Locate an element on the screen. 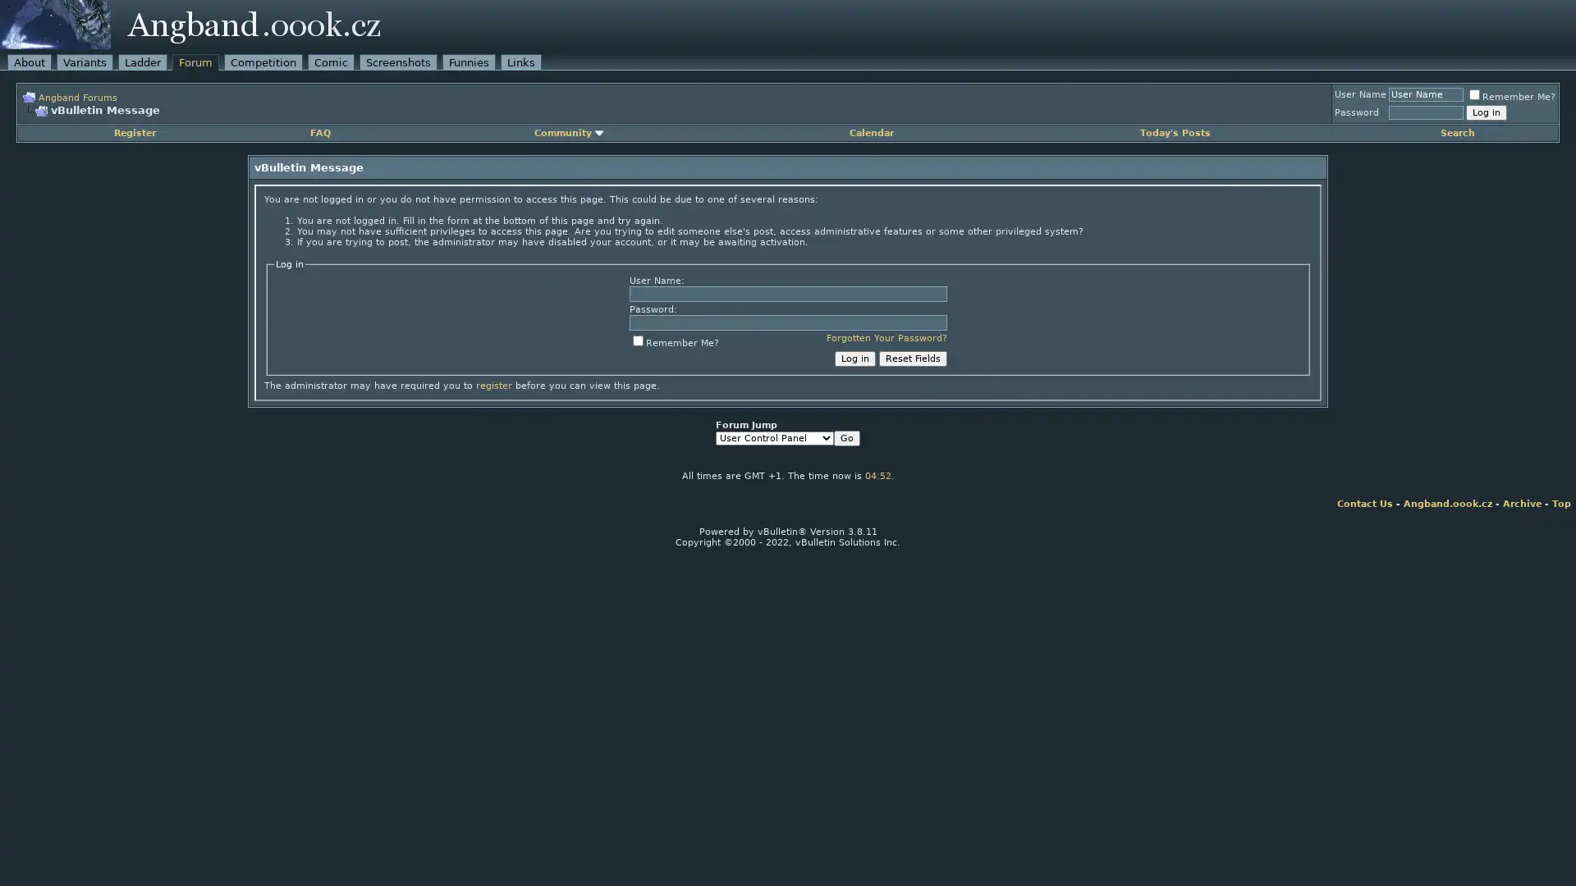 The width and height of the screenshot is (1576, 886). Go is located at coordinates (847, 437).